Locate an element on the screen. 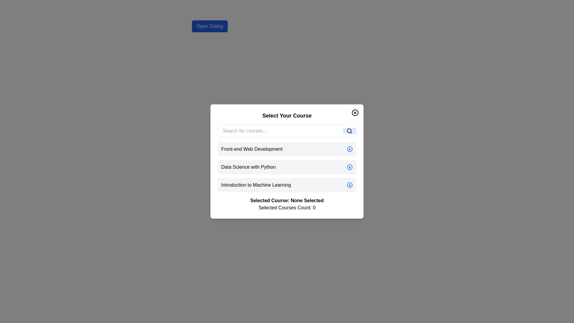 The image size is (574, 323). the blue rectangular button labeled 'Open Dialog' positioned centrally above the modal dialog box is located at coordinates (210, 26).